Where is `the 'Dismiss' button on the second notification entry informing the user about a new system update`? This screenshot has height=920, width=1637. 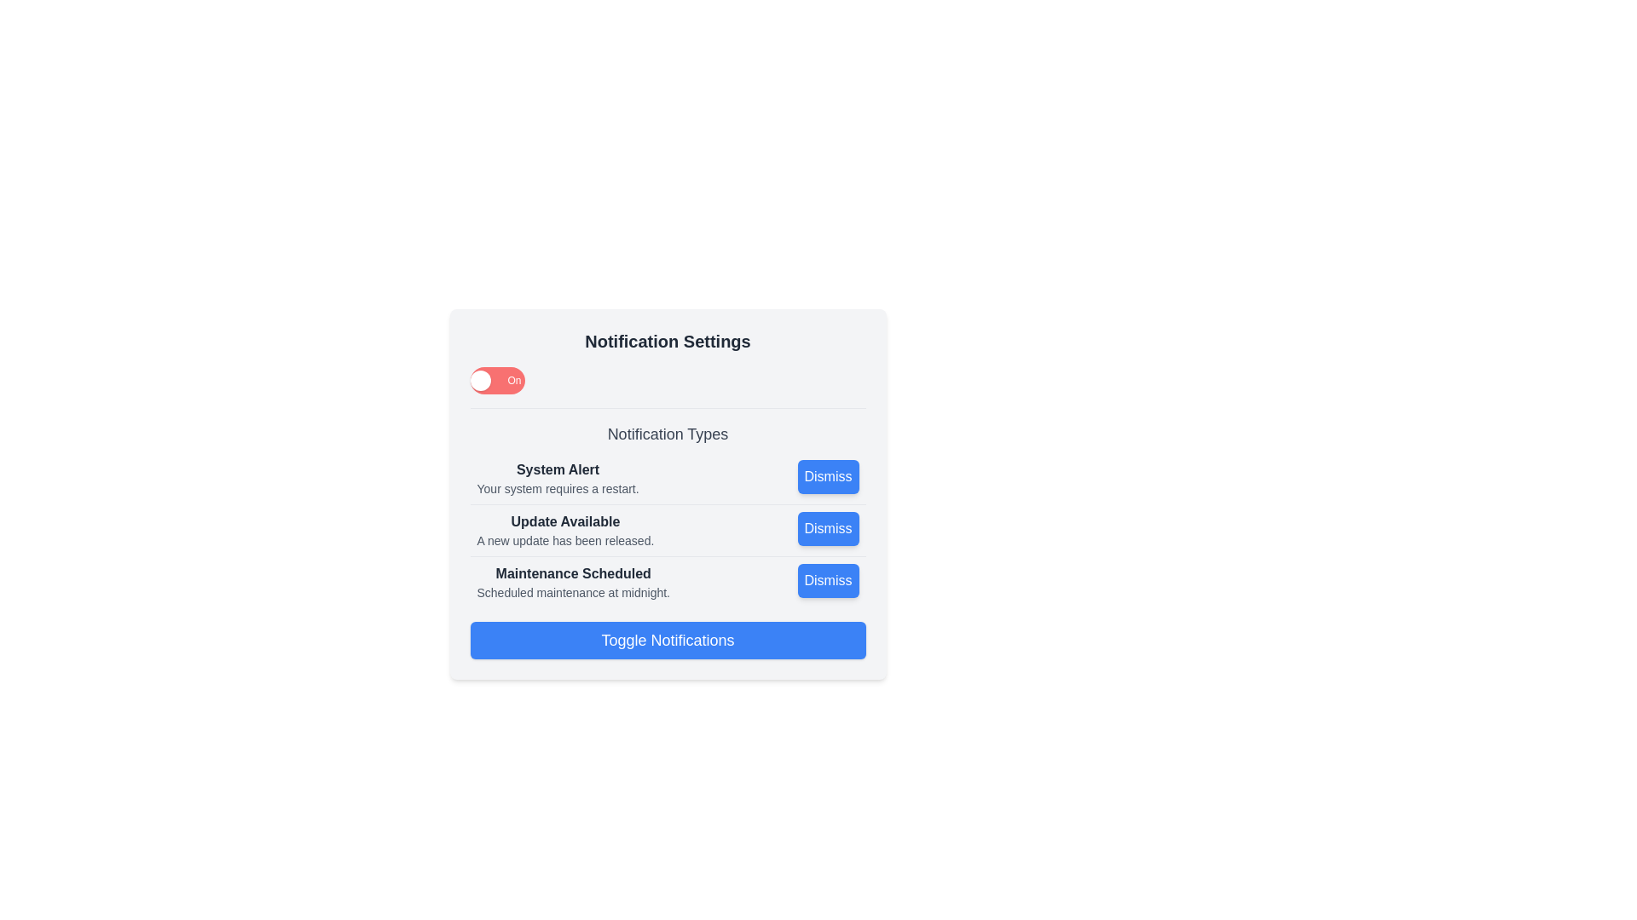 the 'Dismiss' button on the second notification entry informing the user about a new system update is located at coordinates (667, 530).